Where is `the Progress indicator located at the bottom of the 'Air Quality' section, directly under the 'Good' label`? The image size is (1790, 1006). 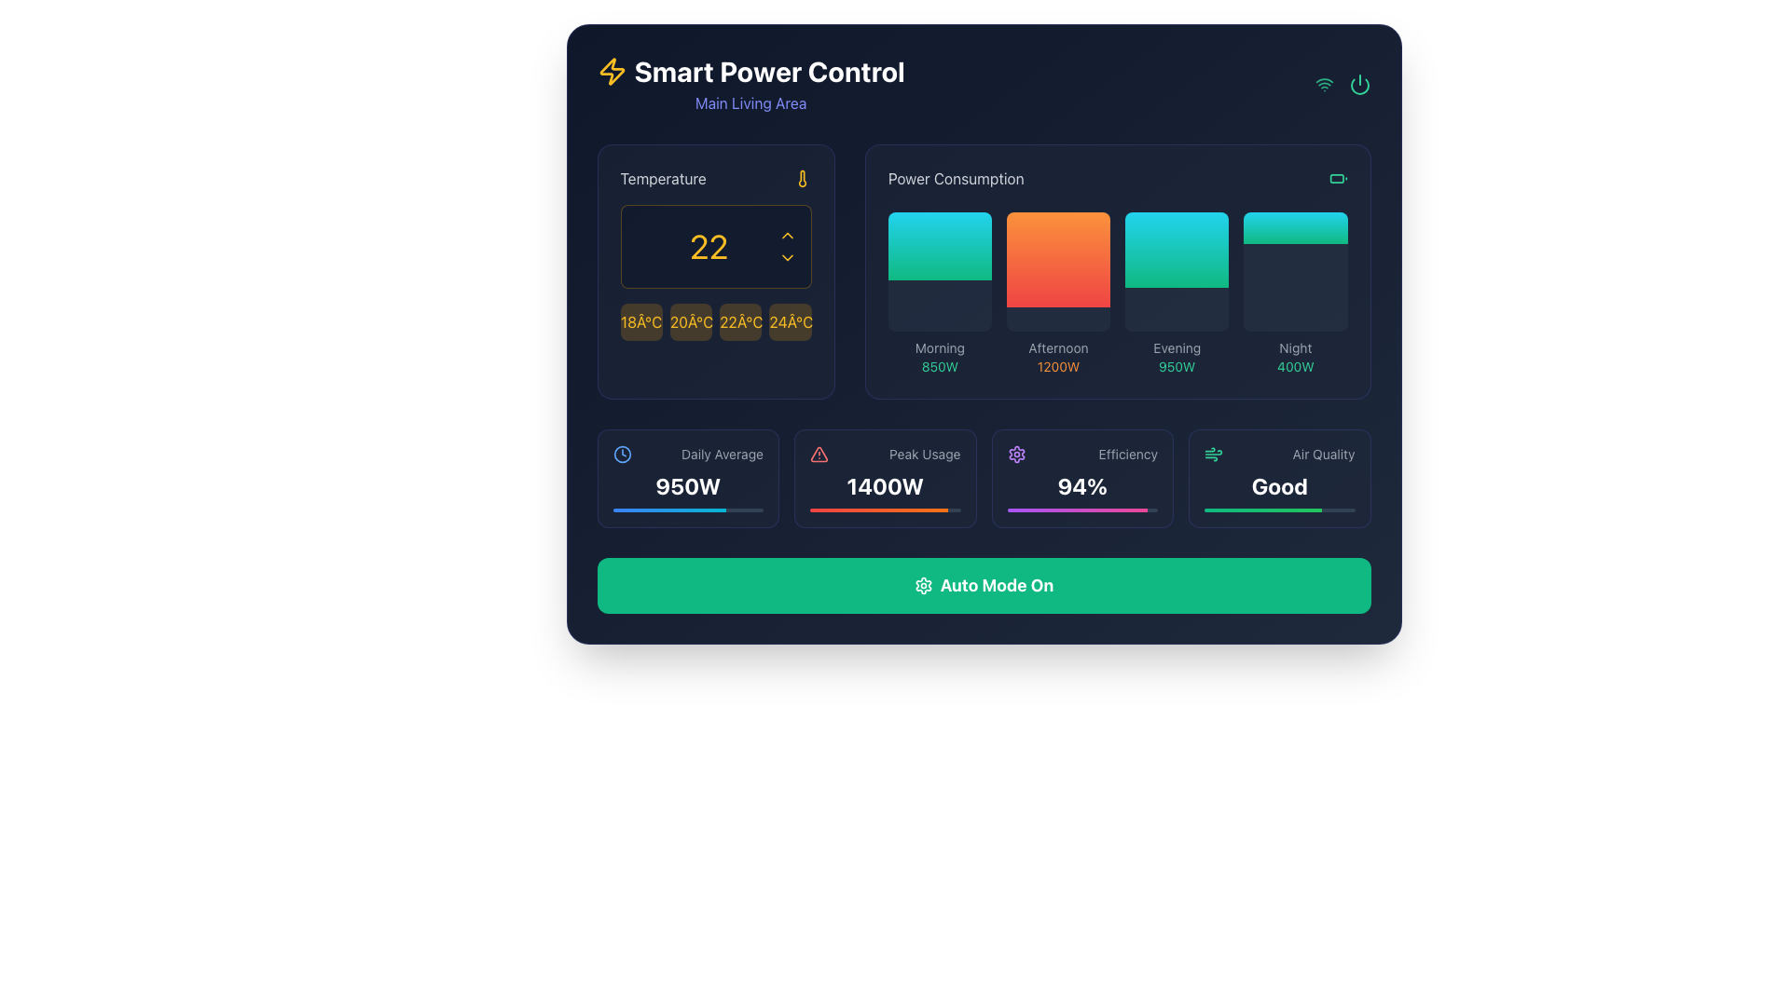 the Progress indicator located at the bottom of the 'Air Quality' section, directly under the 'Good' label is located at coordinates (1278, 510).